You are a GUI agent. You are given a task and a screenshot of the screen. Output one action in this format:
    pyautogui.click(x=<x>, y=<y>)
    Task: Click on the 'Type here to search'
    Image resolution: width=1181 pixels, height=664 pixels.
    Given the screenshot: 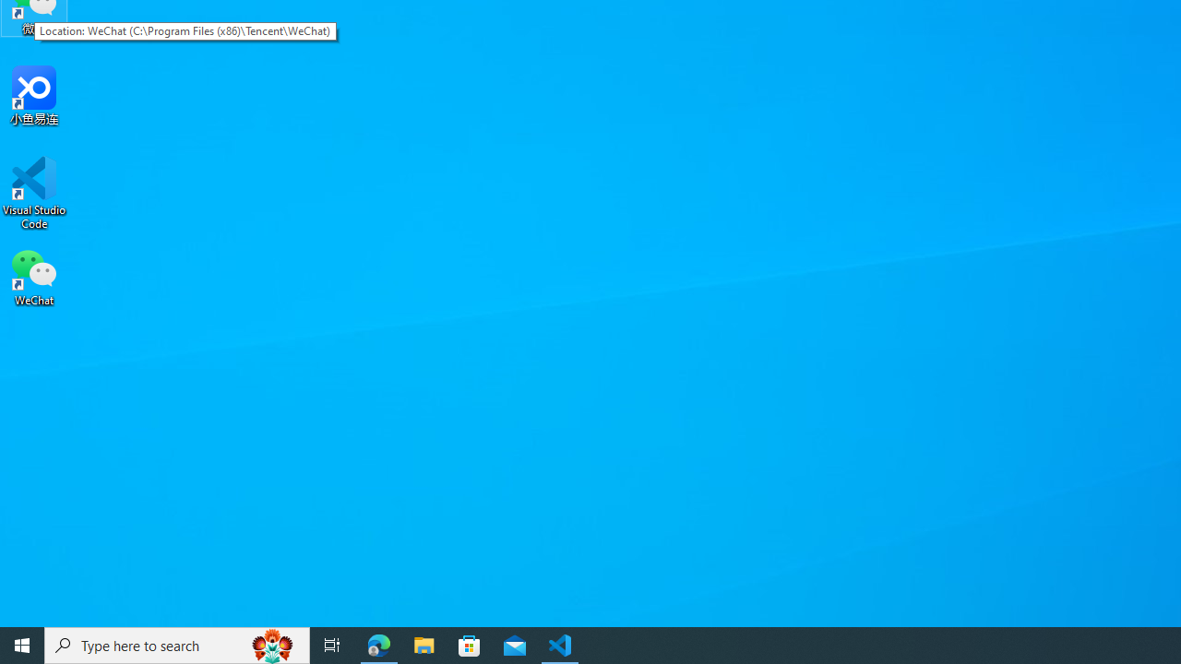 What is the action you would take?
    pyautogui.click(x=177, y=644)
    